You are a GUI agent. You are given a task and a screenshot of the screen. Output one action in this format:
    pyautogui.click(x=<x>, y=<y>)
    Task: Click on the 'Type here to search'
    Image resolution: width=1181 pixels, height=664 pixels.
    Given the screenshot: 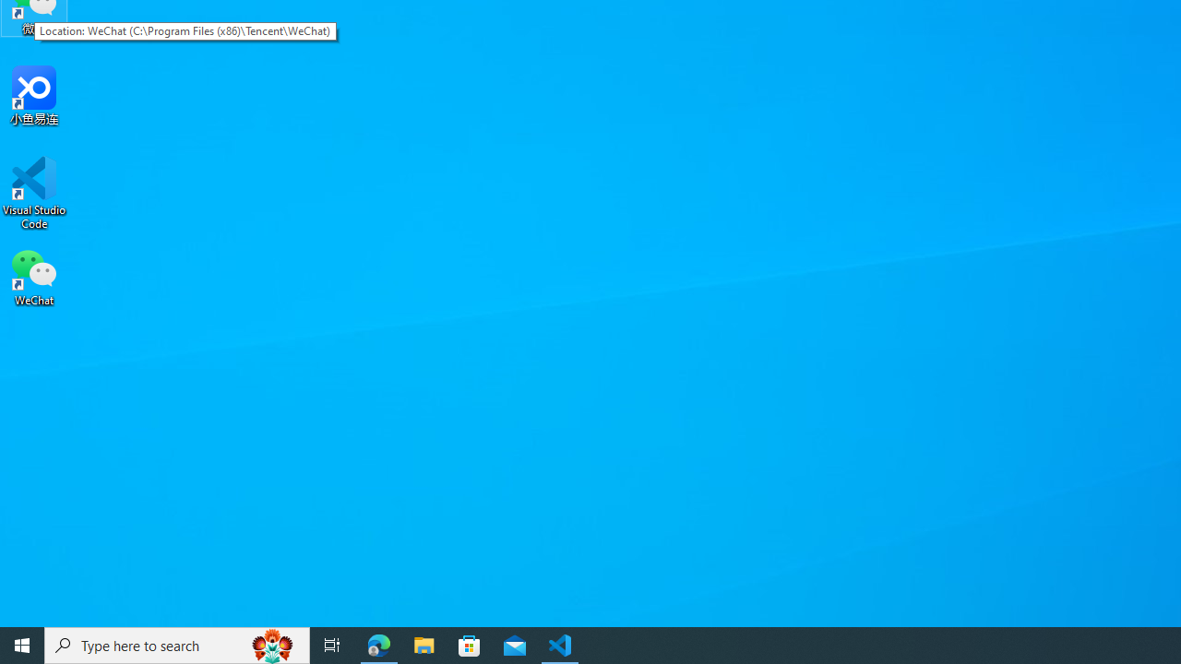 What is the action you would take?
    pyautogui.click(x=177, y=644)
    